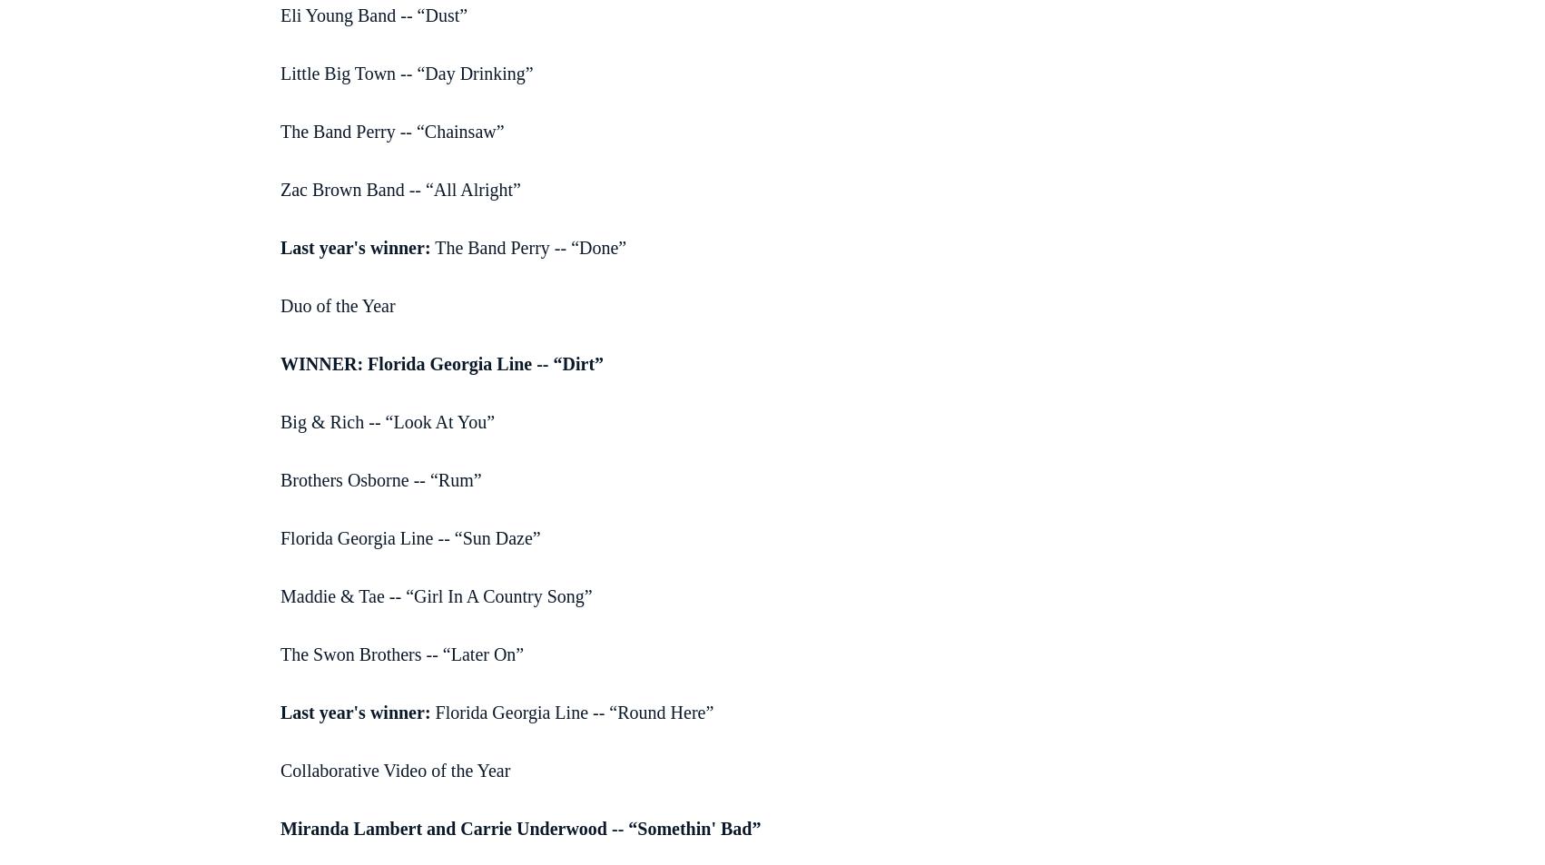 This screenshot has height=865, width=1545. Describe the element at coordinates (405, 71) in the screenshot. I see `'Little Big Town -- “Day Drinking”'` at that location.